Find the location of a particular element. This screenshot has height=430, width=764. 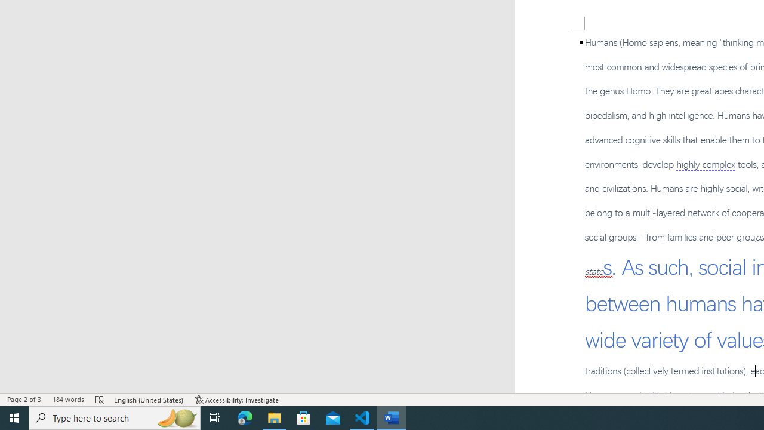

'Page Number Page 2 of 3' is located at coordinates (24, 400).